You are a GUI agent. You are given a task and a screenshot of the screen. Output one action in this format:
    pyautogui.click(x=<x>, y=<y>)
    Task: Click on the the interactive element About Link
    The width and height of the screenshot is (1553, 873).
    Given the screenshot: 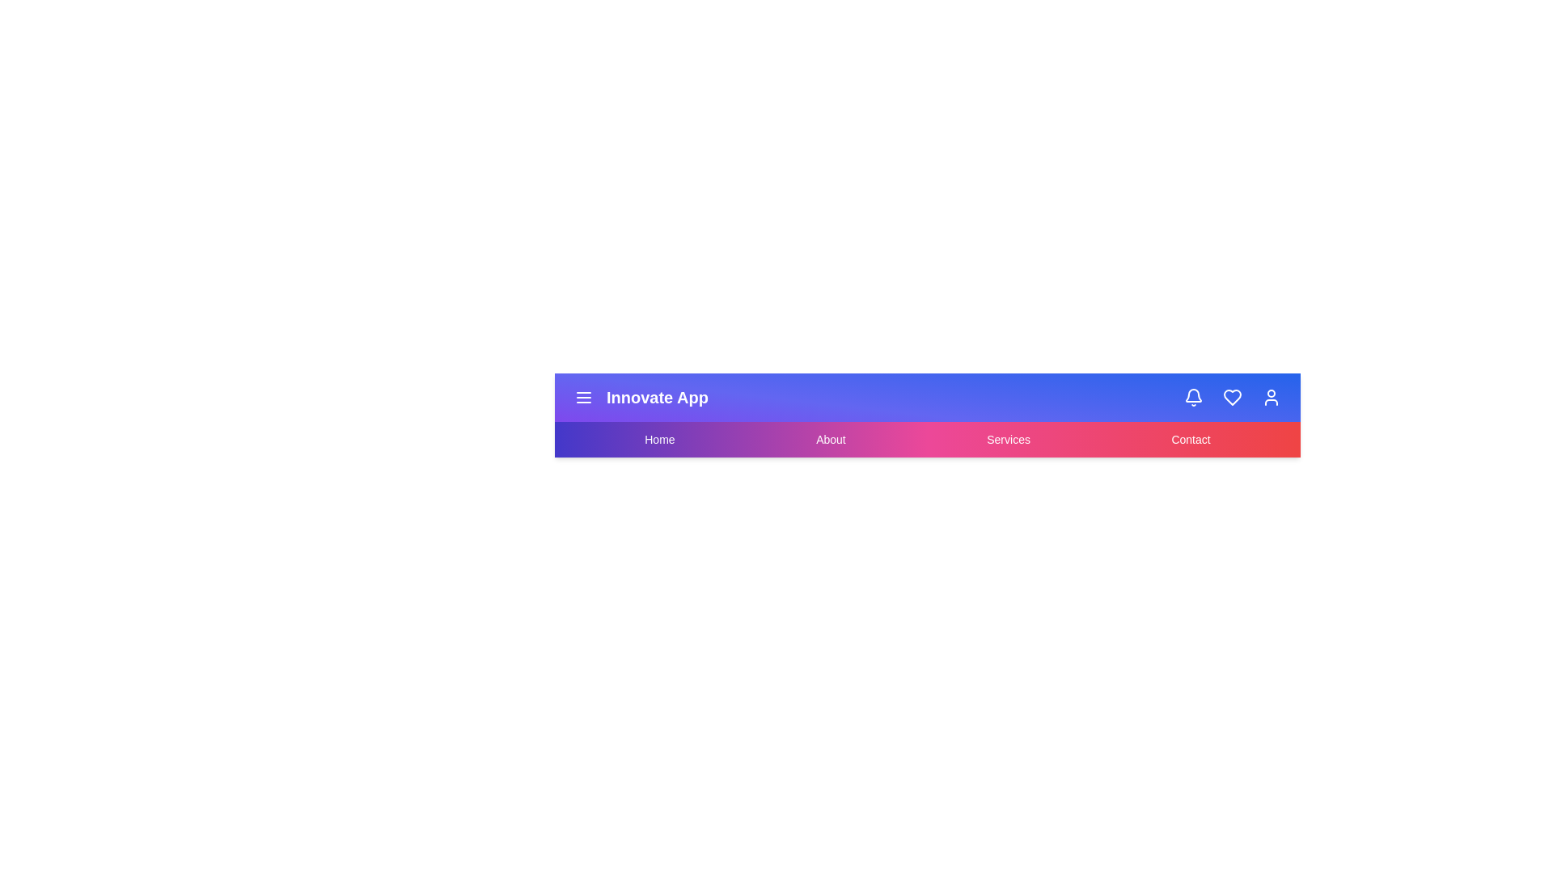 What is the action you would take?
    pyautogui.click(x=831, y=439)
    